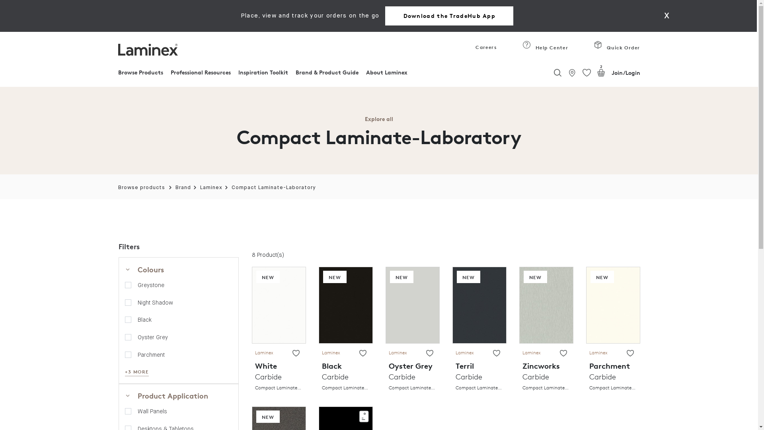 This screenshot has height=430, width=764. I want to click on '+3 MORE', so click(137, 372).